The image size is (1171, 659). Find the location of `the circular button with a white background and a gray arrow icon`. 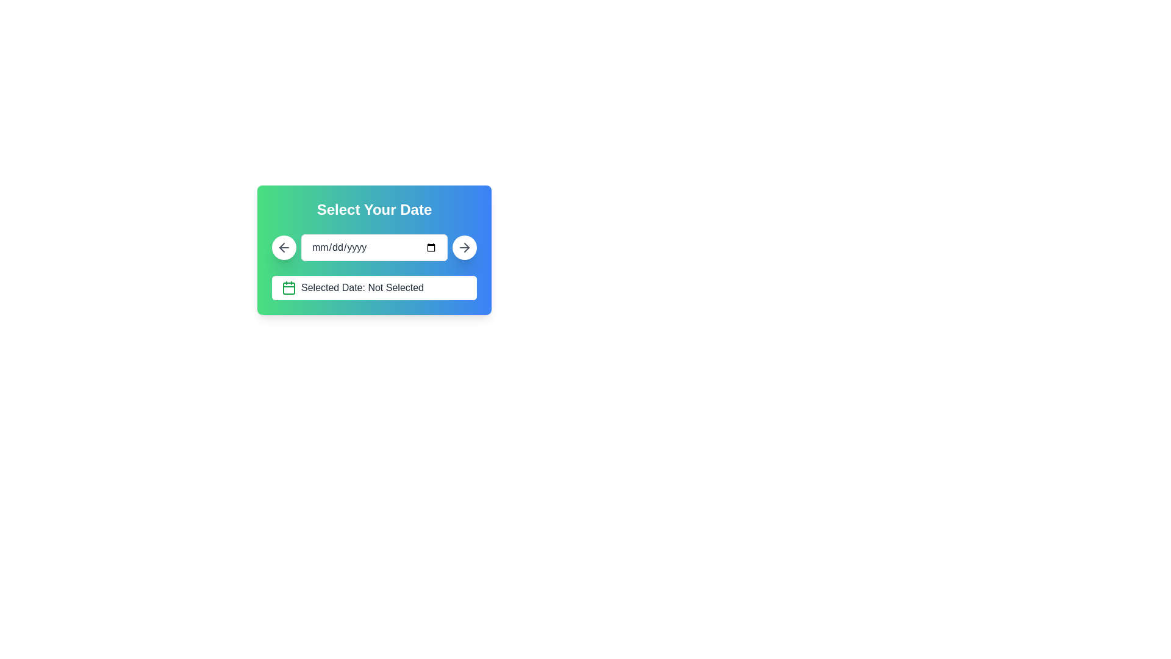

the circular button with a white background and a gray arrow icon is located at coordinates (464, 247).